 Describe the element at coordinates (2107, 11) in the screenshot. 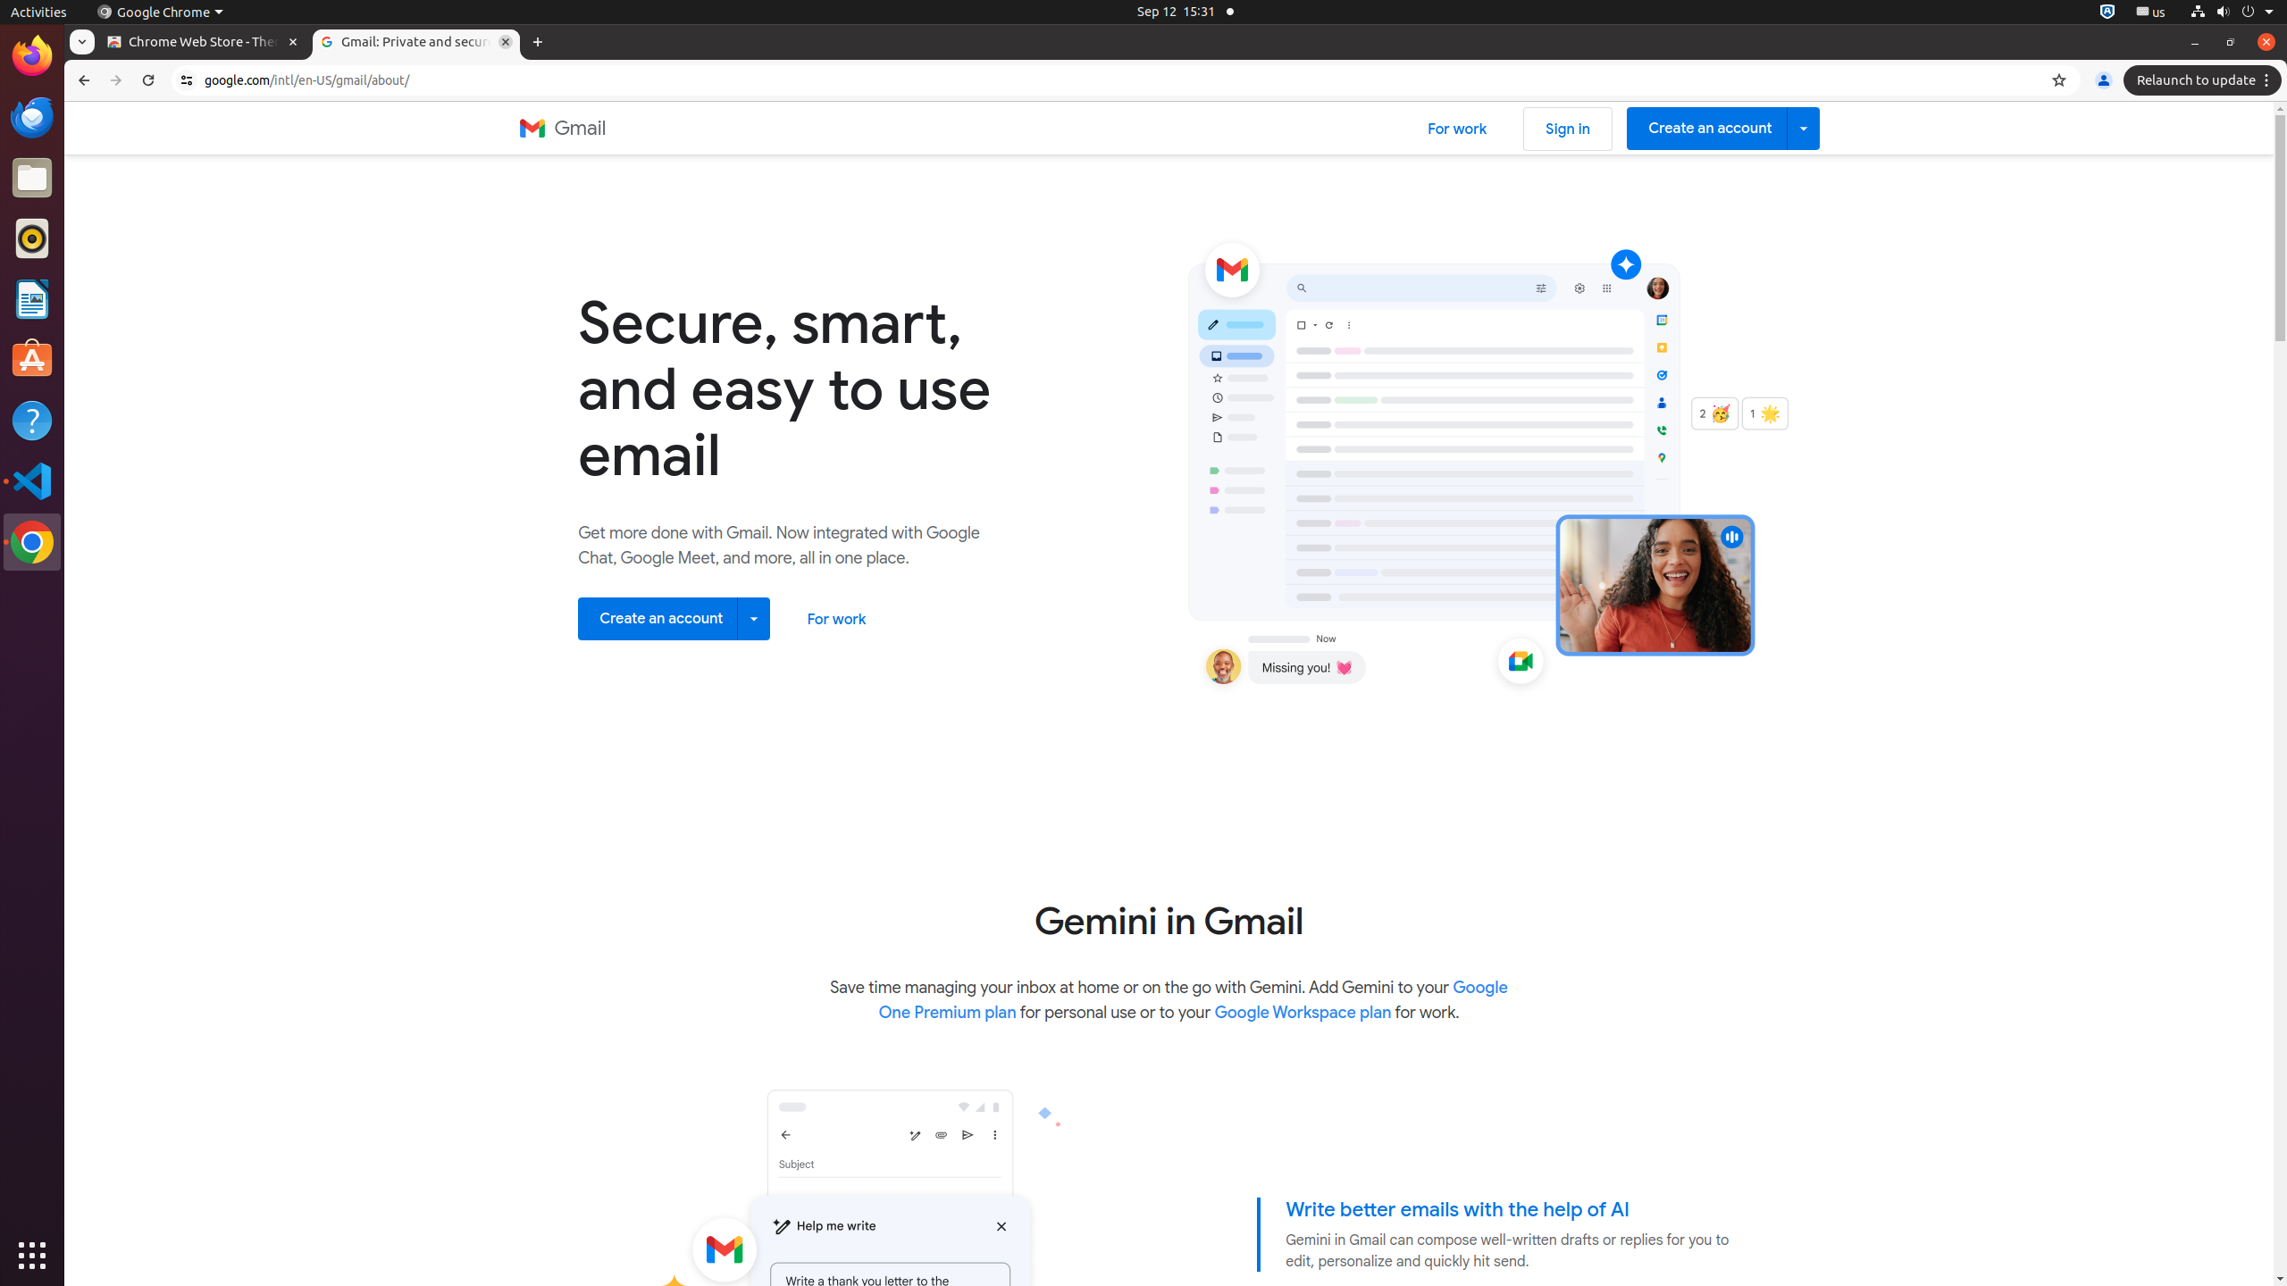

I see `':1.72/StatusNotifierItem'` at that location.